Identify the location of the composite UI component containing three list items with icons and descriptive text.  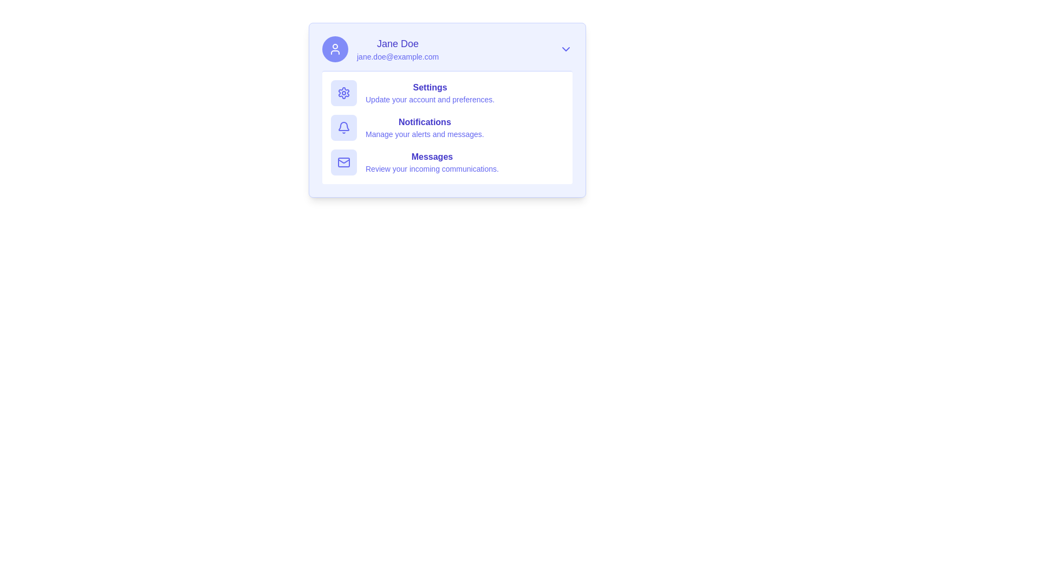
(447, 127).